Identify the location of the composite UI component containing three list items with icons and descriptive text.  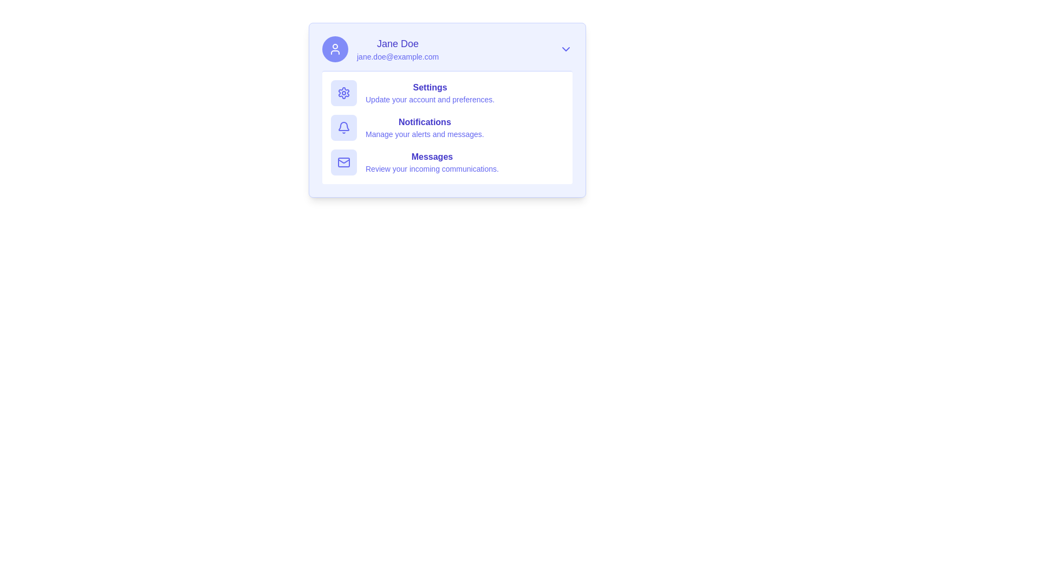
(447, 127).